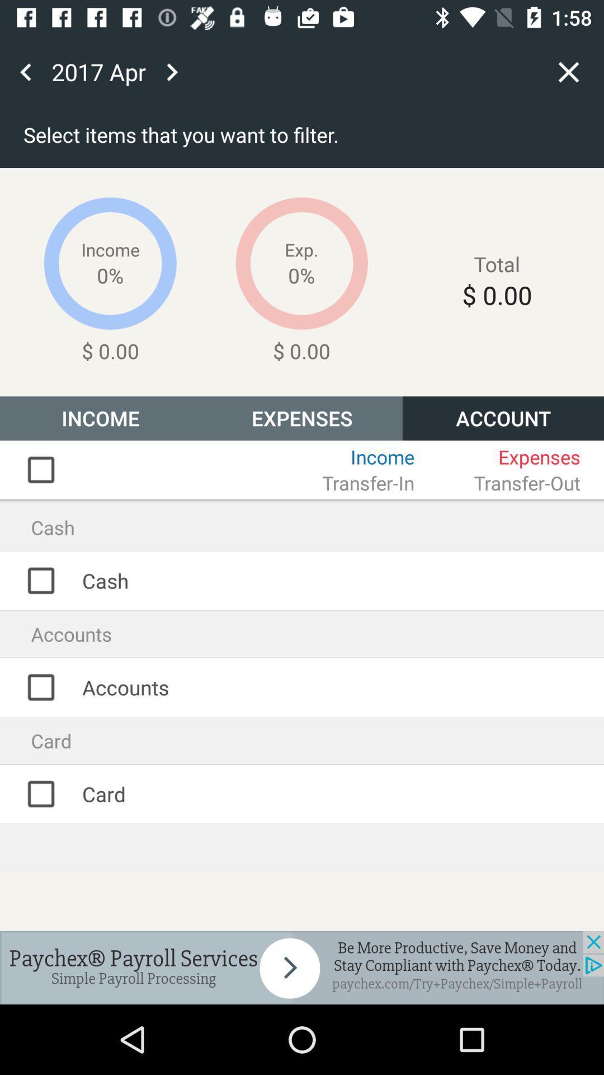 The image size is (604, 1075). What do you see at coordinates (25, 71) in the screenshot?
I see `the arrow_backward icon` at bounding box center [25, 71].